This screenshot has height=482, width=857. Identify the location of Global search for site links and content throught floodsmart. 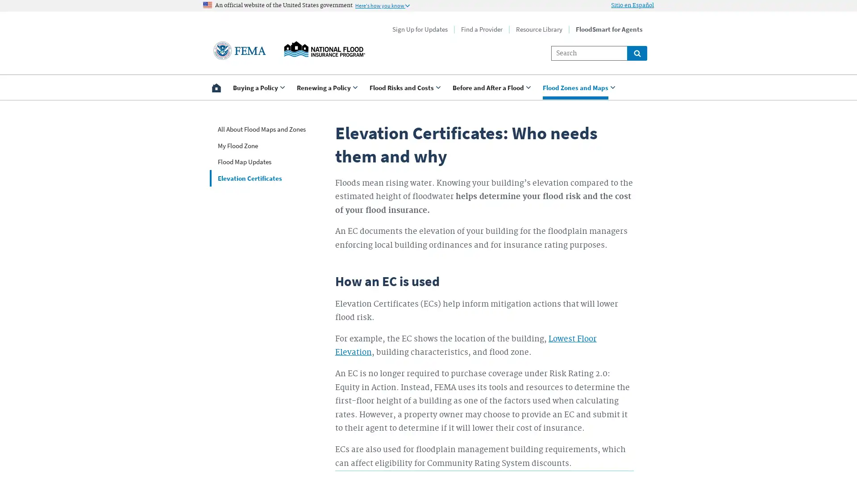
(637, 53).